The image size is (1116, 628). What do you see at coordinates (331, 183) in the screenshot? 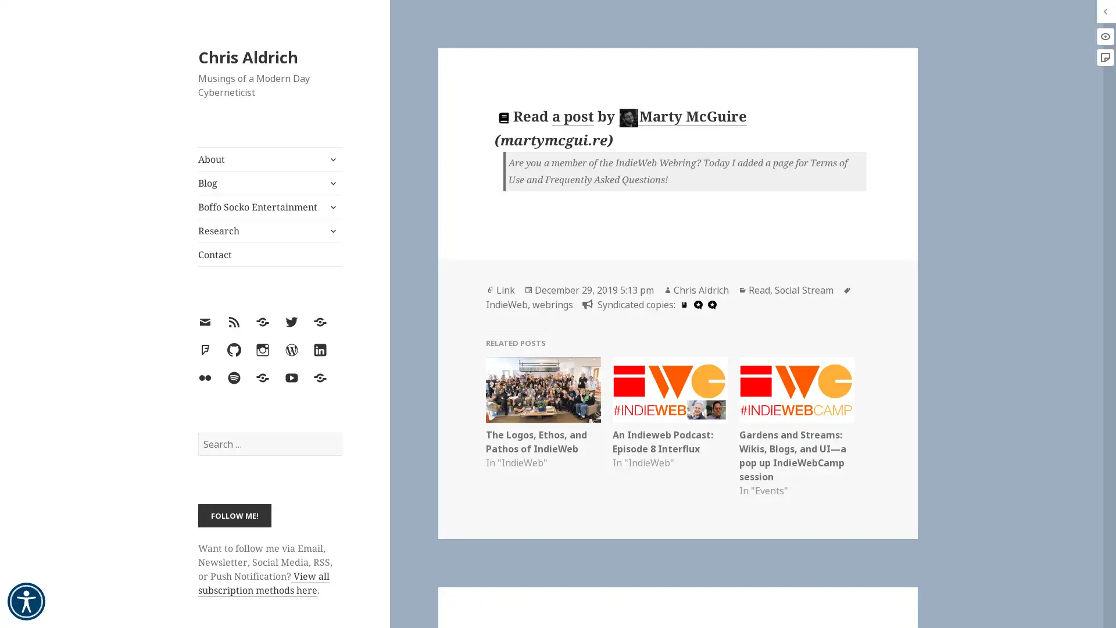
I see `expand child menu` at bounding box center [331, 183].